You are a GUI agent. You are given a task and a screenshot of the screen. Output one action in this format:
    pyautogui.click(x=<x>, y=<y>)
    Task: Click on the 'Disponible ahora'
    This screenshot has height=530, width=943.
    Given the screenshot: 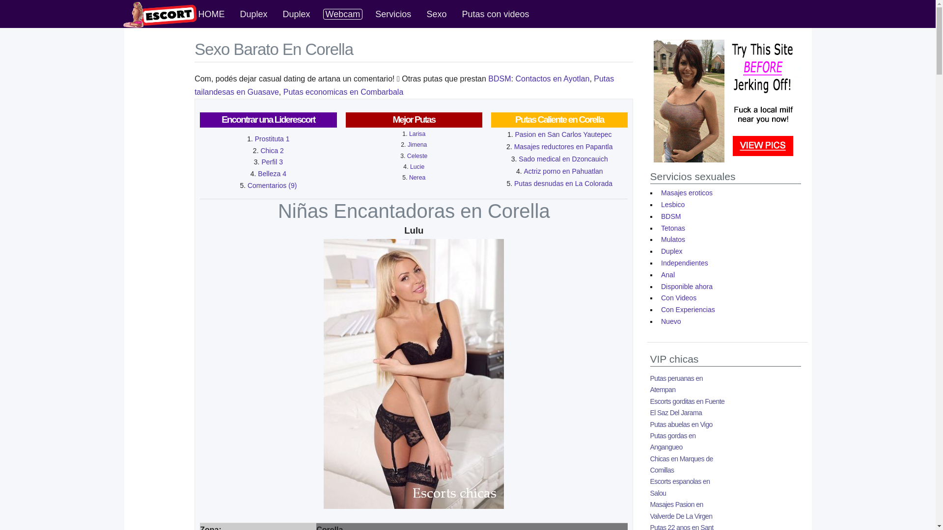 What is the action you would take?
    pyautogui.click(x=686, y=286)
    